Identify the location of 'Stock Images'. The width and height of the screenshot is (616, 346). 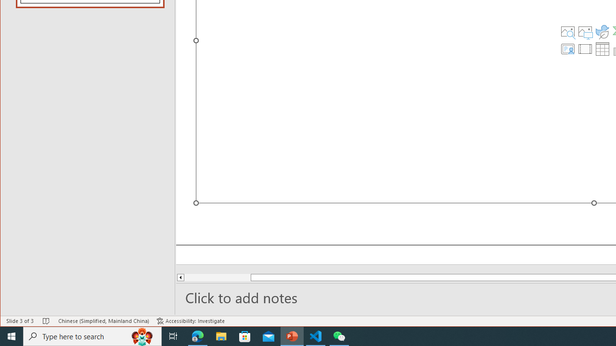
(567, 31).